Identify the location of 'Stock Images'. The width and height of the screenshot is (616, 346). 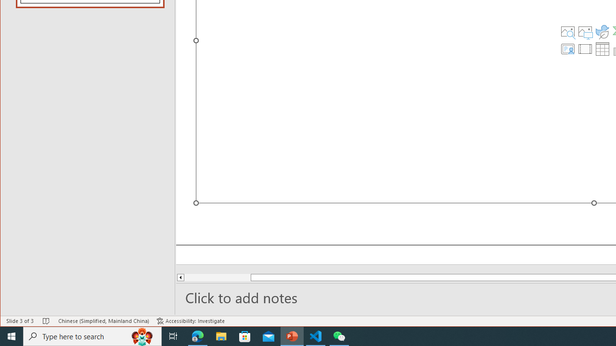
(567, 31).